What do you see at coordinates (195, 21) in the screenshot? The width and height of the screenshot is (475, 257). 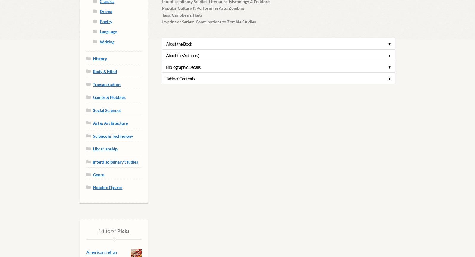 I see `'Contributions to Zombie Studies'` at bounding box center [195, 21].